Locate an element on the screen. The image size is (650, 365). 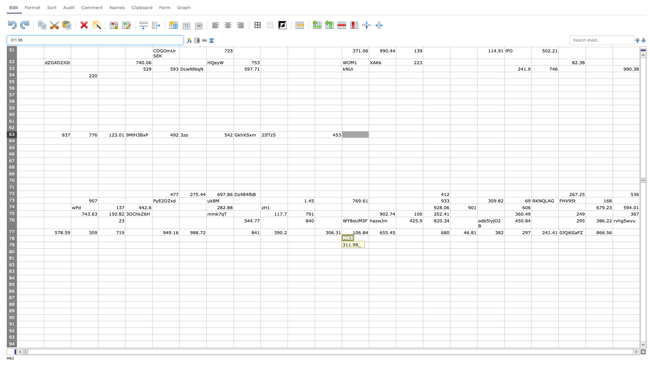
Top left corner of cell N-79 is located at coordinates (368, 242).